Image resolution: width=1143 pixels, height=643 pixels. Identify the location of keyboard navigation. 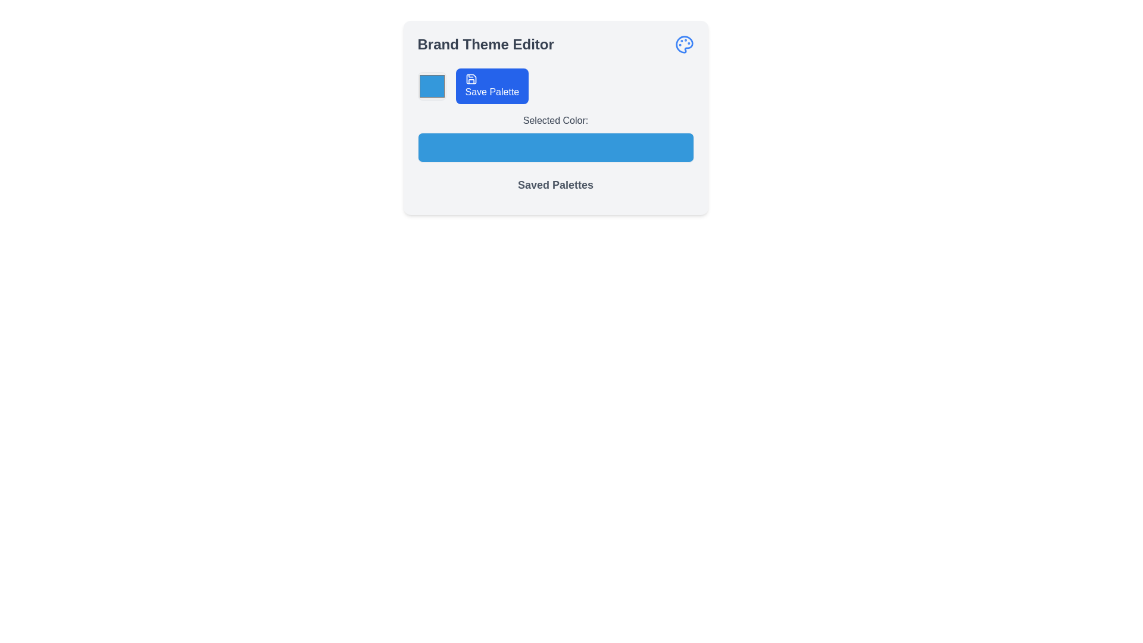
(684, 43).